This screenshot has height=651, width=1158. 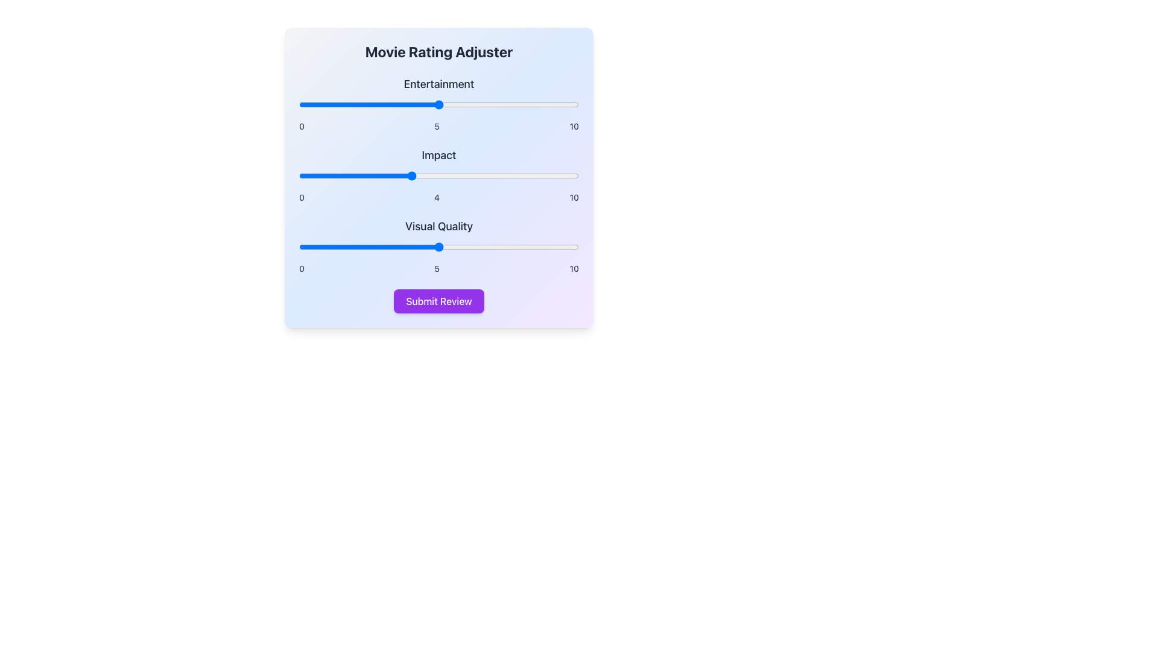 What do you see at coordinates (436, 197) in the screenshot?
I see `the static text label displaying the numeric digit '4', which is centered horizontally among the sibling numbers '0', '4', and '10'` at bounding box center [436, 197].